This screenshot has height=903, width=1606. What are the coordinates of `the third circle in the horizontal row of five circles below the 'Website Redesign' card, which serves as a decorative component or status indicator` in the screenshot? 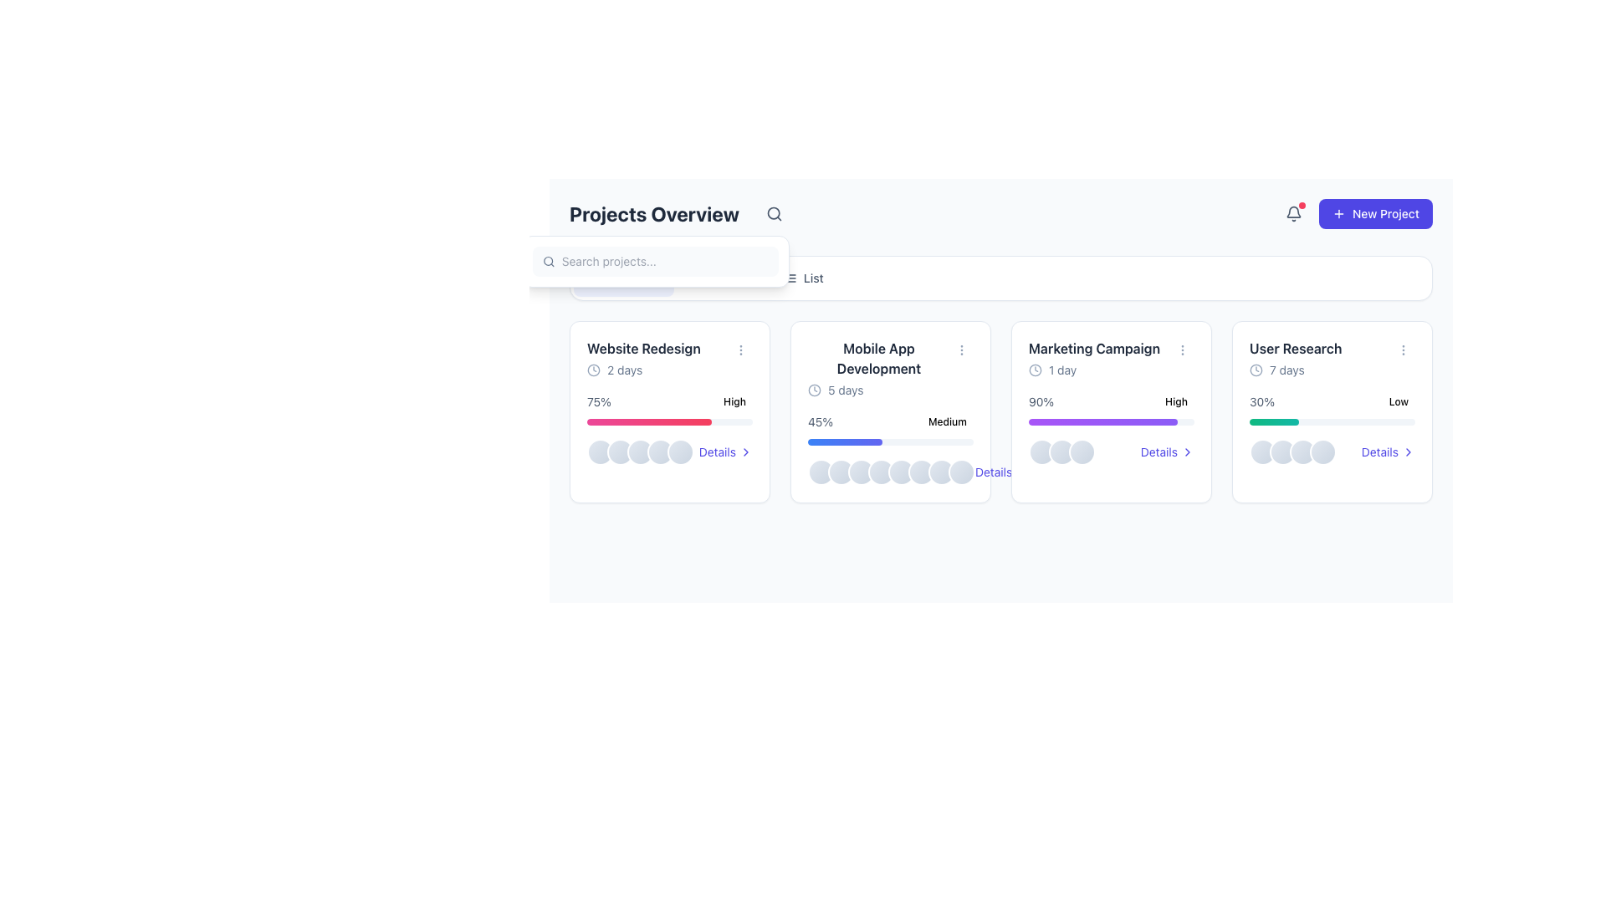 It's located at (640, 451).